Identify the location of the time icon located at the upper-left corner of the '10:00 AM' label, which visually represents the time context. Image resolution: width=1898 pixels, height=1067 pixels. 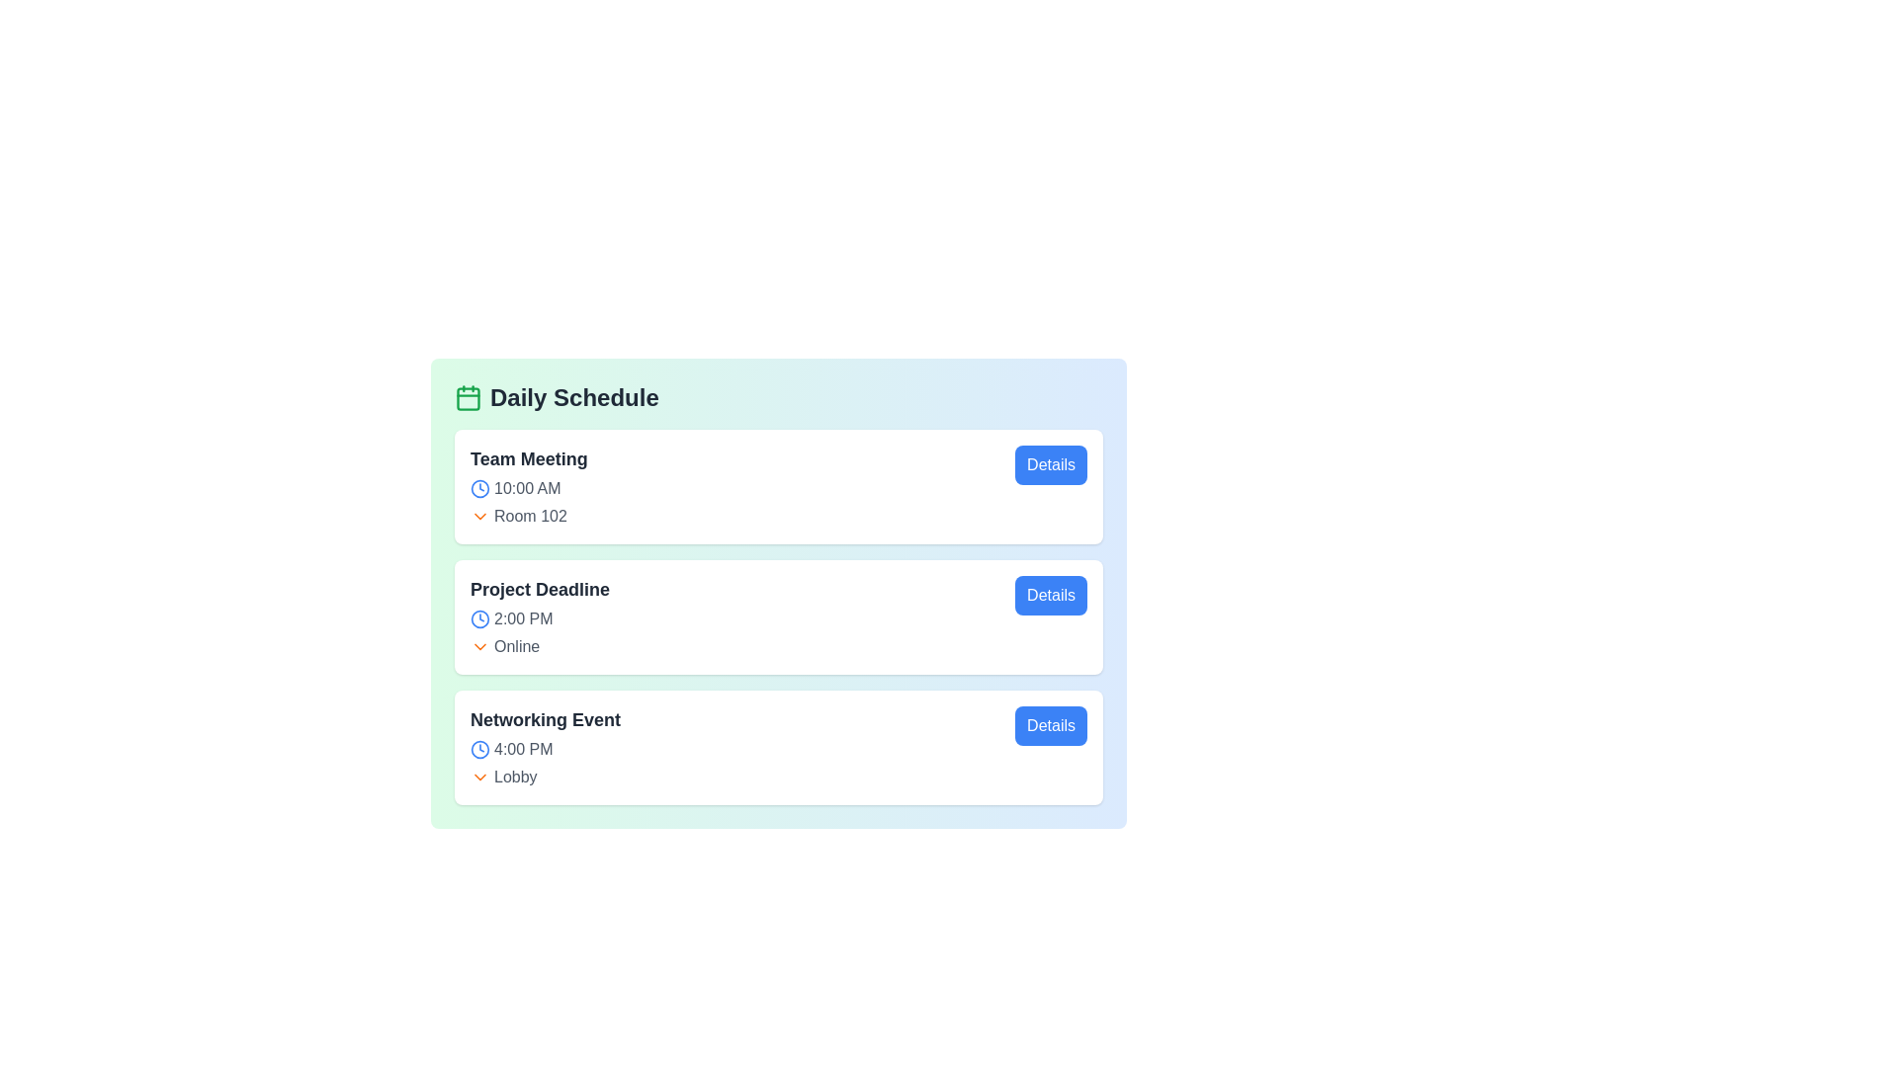
(479, 488).